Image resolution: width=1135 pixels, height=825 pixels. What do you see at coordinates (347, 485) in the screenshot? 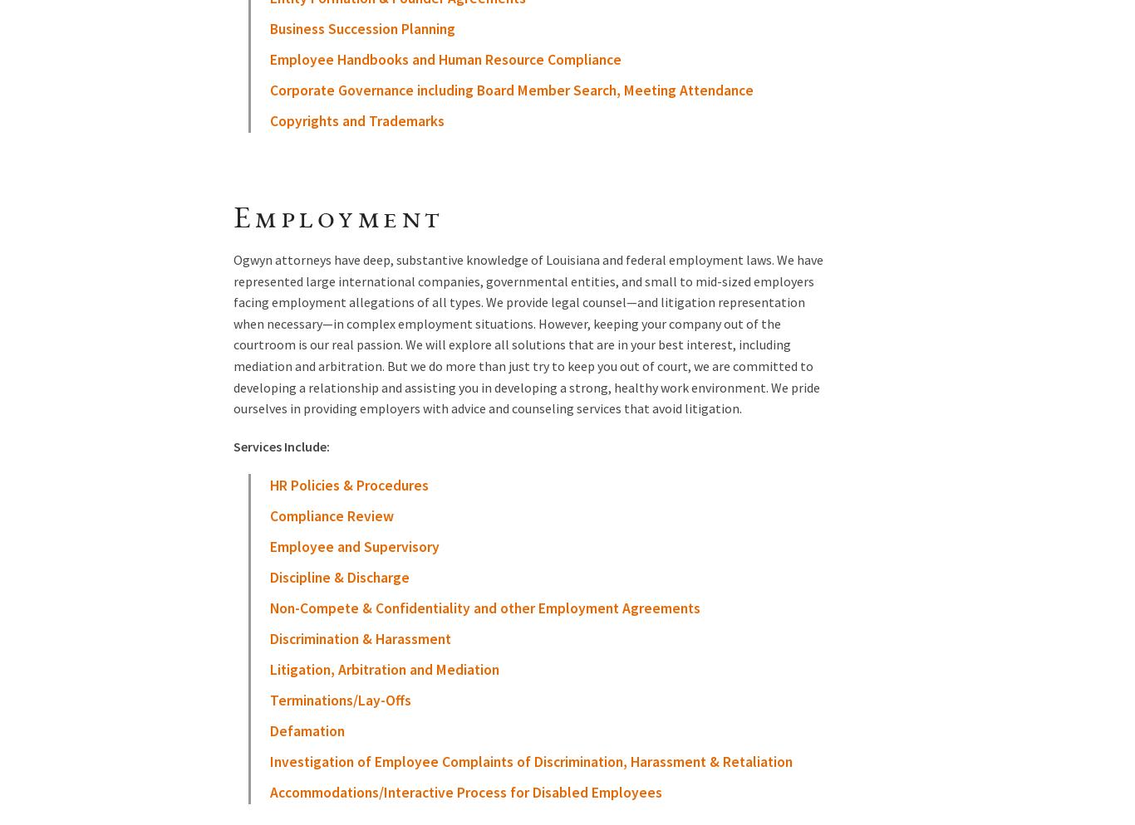
I see `'HR Policies & Procedures'` at bounding box center [347, 485].